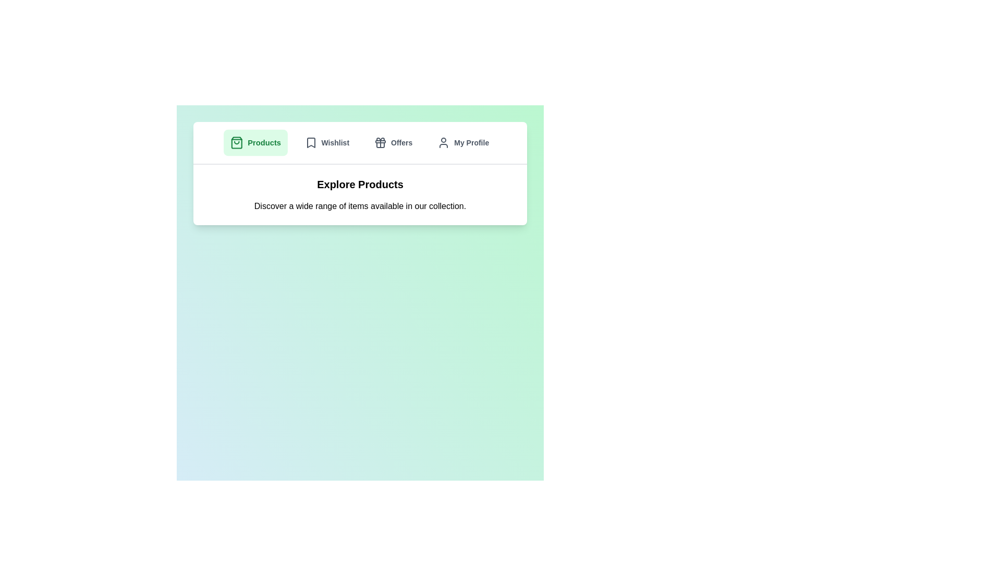 Image resolution: width=1001 pixels, height=563 pixels. Describe the element at coordinates (360, 206) in the screenshot. I see `the supportive description text for the 'Explore Products' section, located beneath the header text and well-centered horizontally on the page` at that location.